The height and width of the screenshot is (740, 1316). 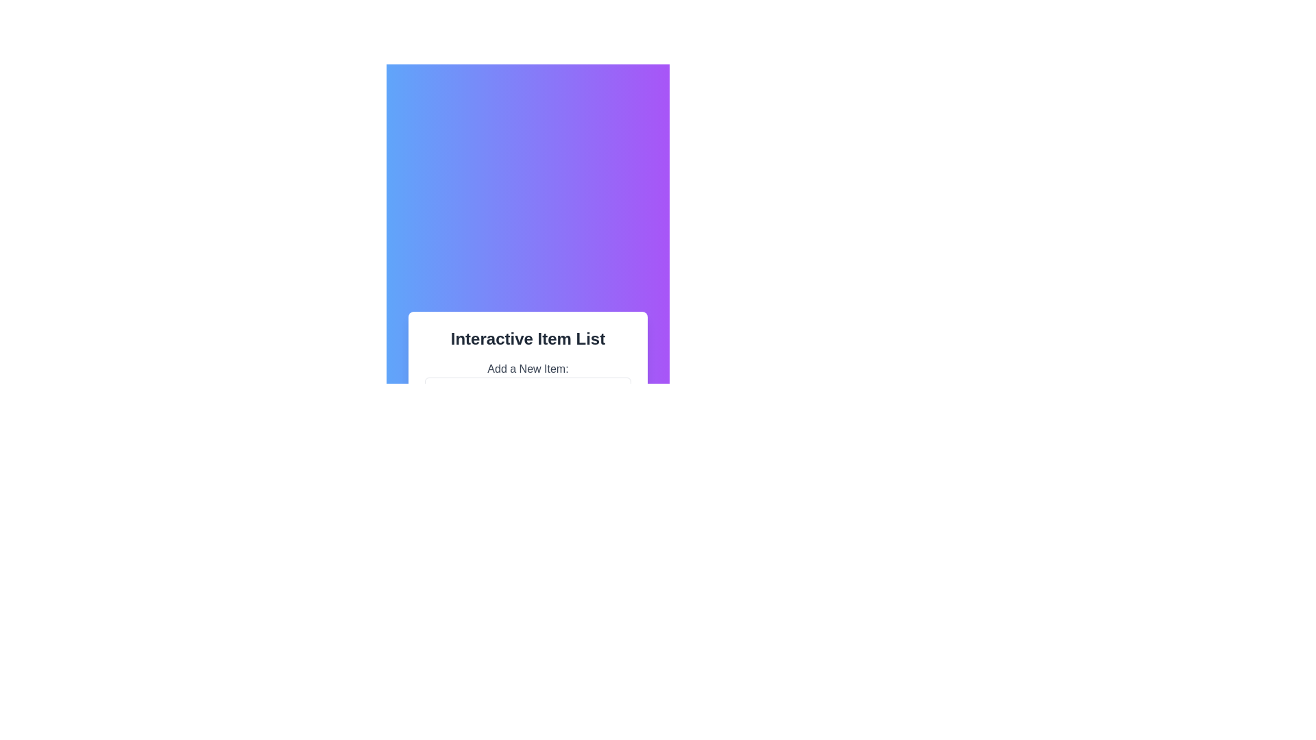 What do you see at coordinates (527, 338) in the screenshot?
I see `the non-interactive heading located at the top of the white card-like component, which informs users of the purpose or contents of the interactive components below` at bounding box center [527, 338].